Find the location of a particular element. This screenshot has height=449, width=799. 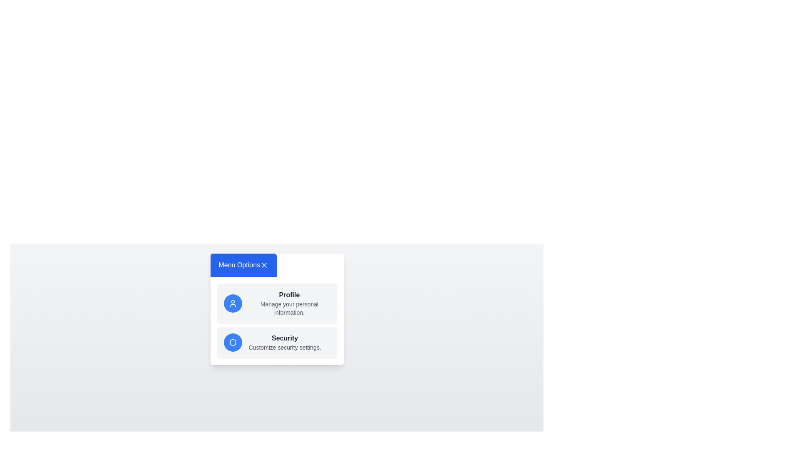

the 'Profile' menu item is located at coordinates (289, 294).